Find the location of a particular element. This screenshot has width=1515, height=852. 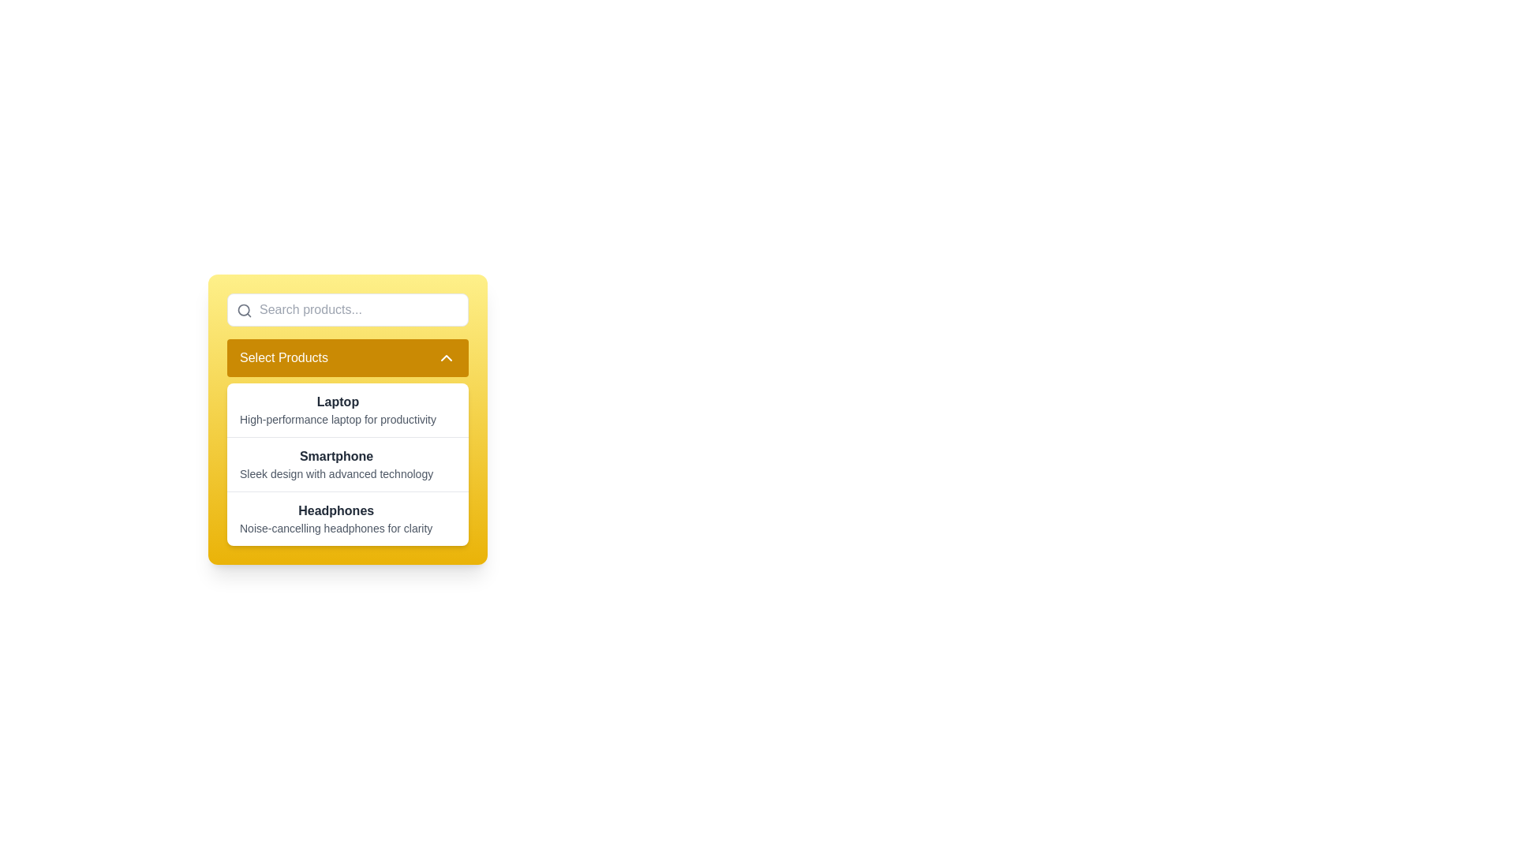

the first list item labeled 'Laptop' in the dropdown menu is located at coordinates (347, 409).